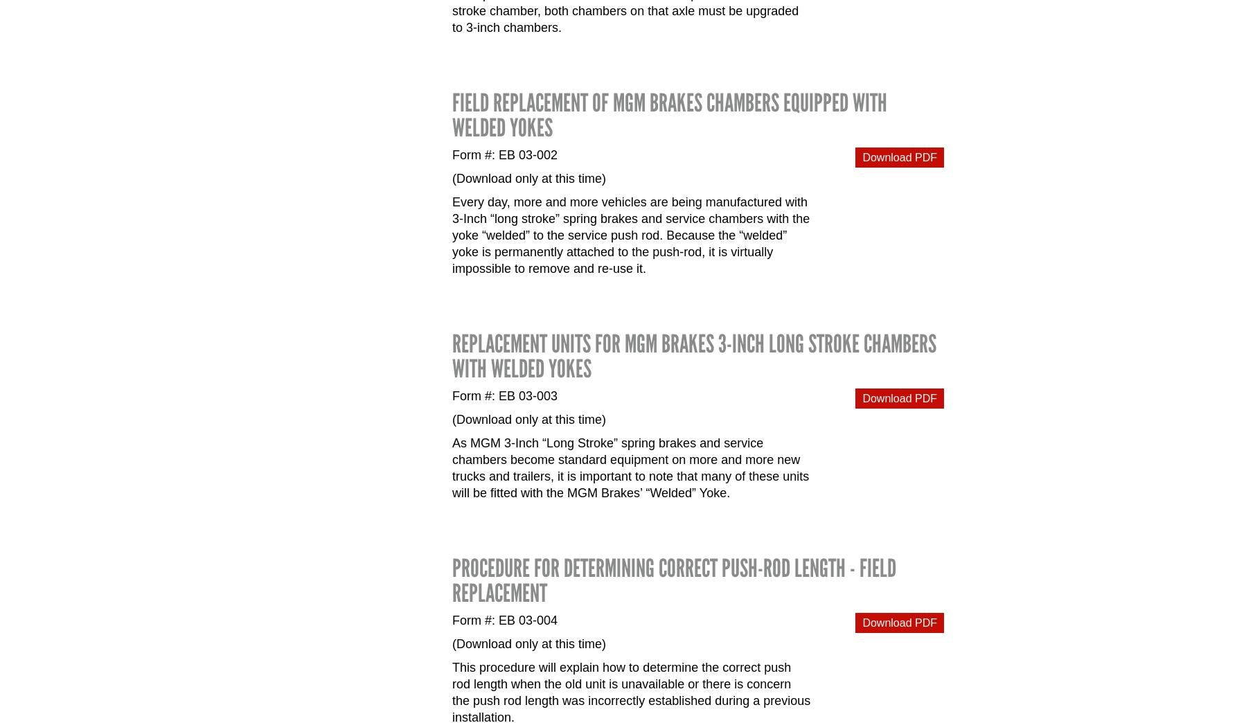 Image resolution: width=1237 pixels, height=723 pixels. I want to click on 'Replacement Units for MGM Brakes 3-Inch Long Stroke Chambers with Welded Yokes', so click(694, 356).